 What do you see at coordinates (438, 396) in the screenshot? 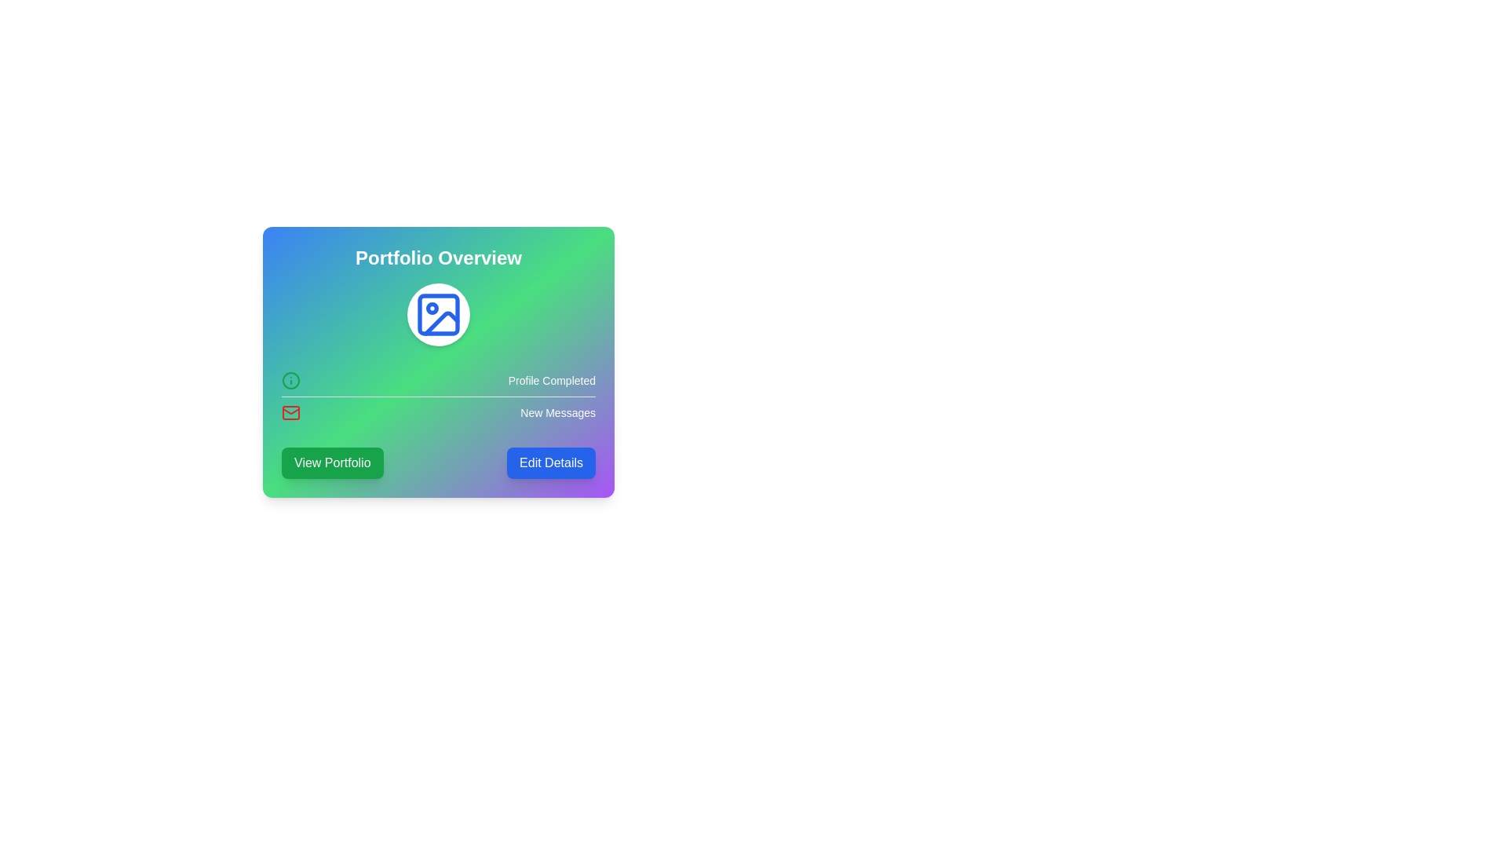
I see `the information display group that contains the green icon with 'Profile Completed' and the red icon with 'New Messages', located between the 'Portfolio Overview' icon and the buttons 'View Portfolio' and 'Edit Details'` at bounding box center [438, 396].